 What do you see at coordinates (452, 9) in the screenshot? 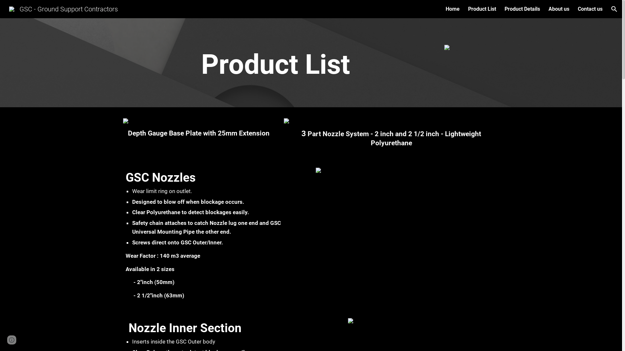
I see `'Home'` at bounding box center [452, 9].